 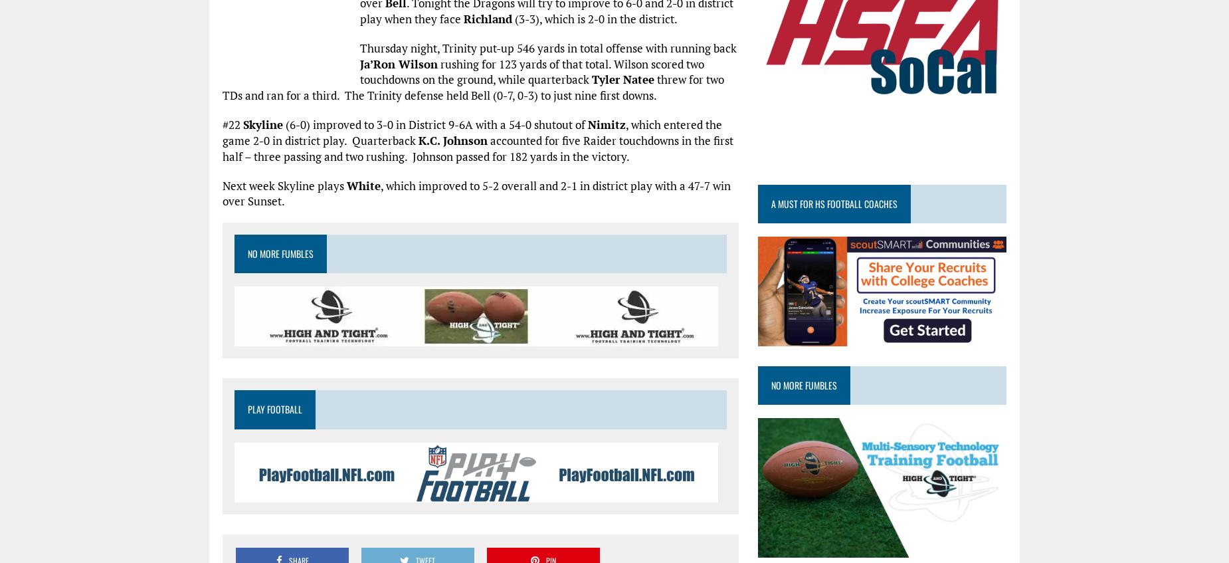 What do you see at coordinates (532, 71) in the screenshot?
I see `'rushing for 123 yards of that total. Wilson scored two touchdowns on the ground, while quarterback'` at bounding box center [532, 71].